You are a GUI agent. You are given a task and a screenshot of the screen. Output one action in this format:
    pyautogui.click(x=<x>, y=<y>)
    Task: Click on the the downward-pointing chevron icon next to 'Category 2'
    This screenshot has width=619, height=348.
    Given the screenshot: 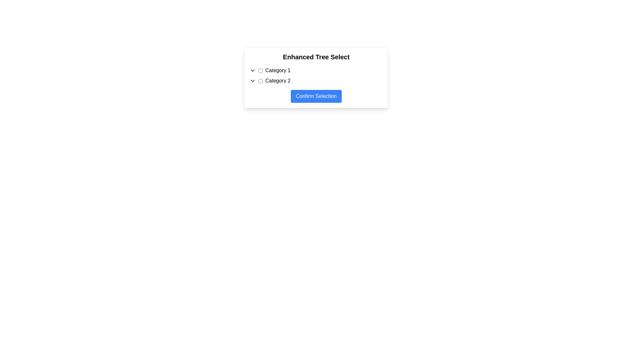 What is the action you would take?
    pyautogui.click(x=252, y=80)
    